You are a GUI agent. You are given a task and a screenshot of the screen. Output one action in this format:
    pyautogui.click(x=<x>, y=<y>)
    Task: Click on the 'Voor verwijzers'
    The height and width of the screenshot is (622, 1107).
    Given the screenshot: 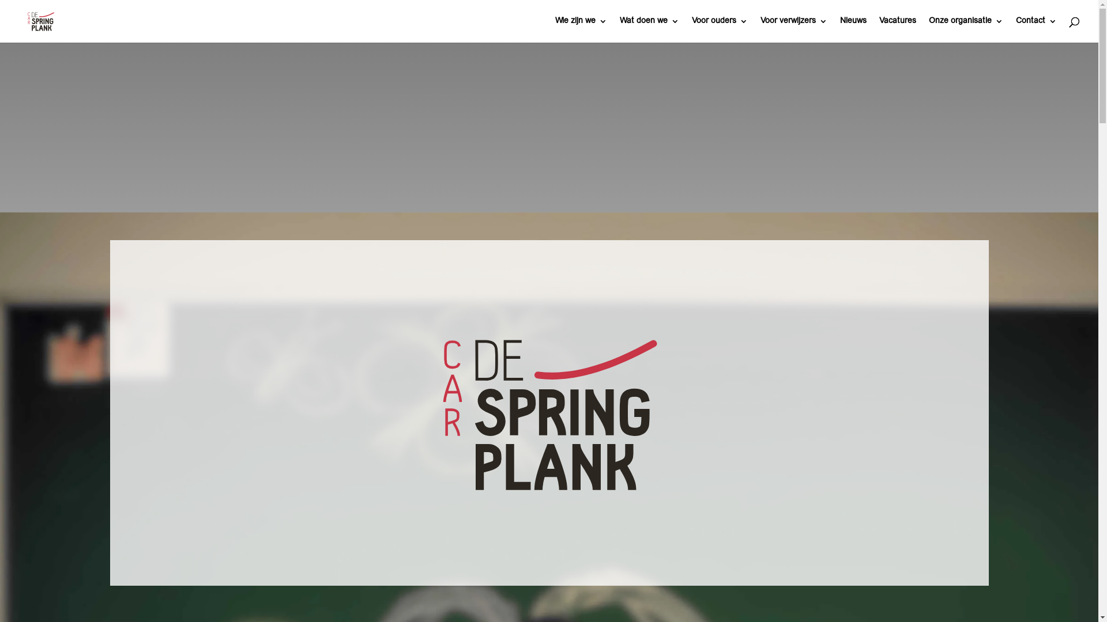 What is the action you would take?
    pyautogui.click(x=793, y=29)
    